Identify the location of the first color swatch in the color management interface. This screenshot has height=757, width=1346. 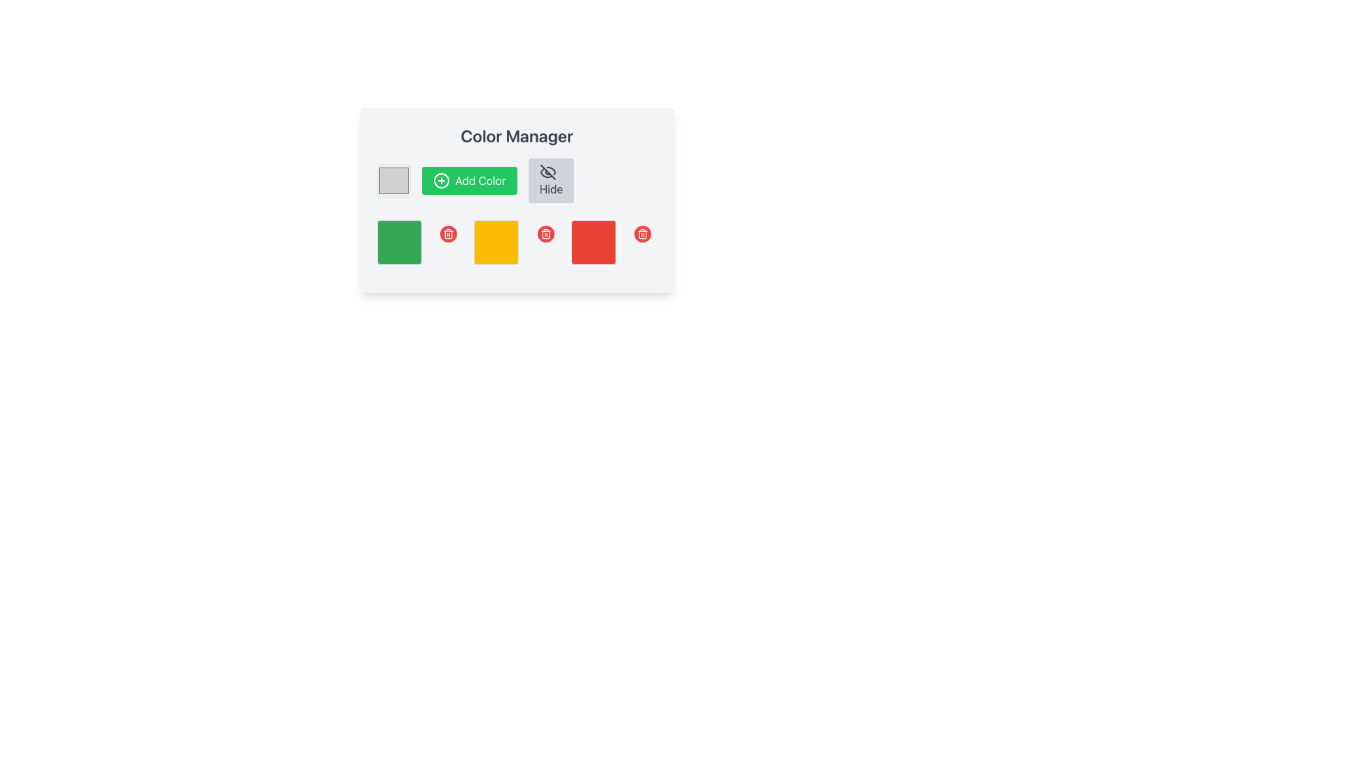
(419, 242).